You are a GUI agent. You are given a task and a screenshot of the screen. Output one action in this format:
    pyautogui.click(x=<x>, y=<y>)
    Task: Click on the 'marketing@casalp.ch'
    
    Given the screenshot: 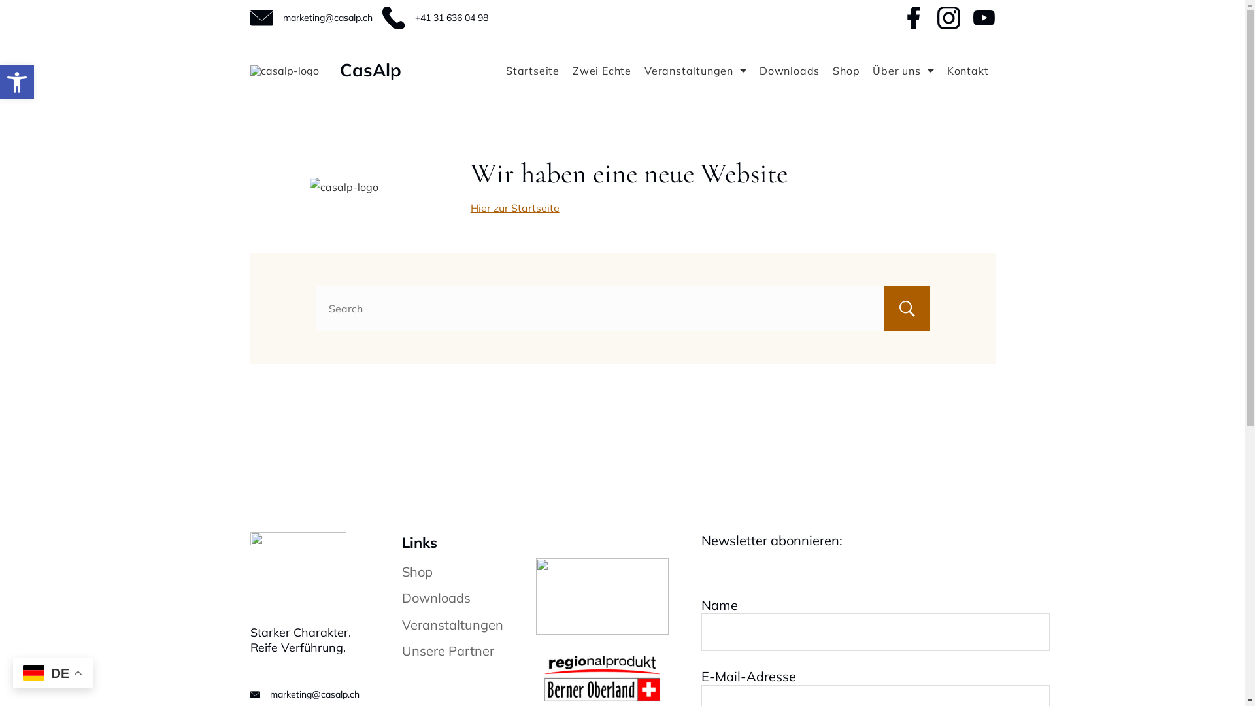 What is the action you would take?
    pyautogui.click(x=314, y=693)
    